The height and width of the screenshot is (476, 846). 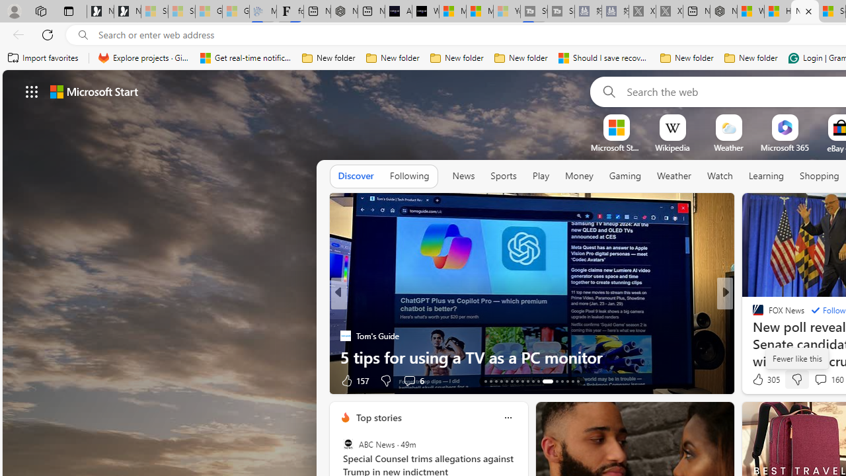 What do you see at coordinates (816, 380) in the screenshot?
I see `'View comments 107 Comment'` at bounding box center [816, 380].